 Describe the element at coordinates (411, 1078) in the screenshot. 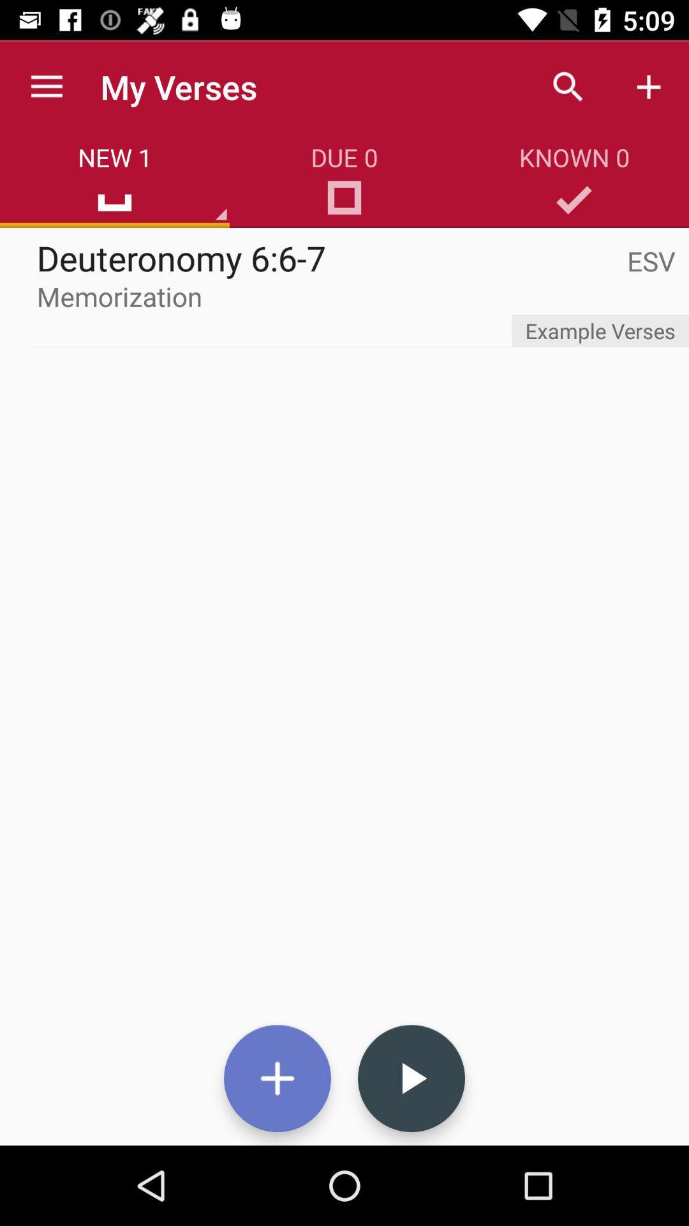

I see `the play icon` at that location.